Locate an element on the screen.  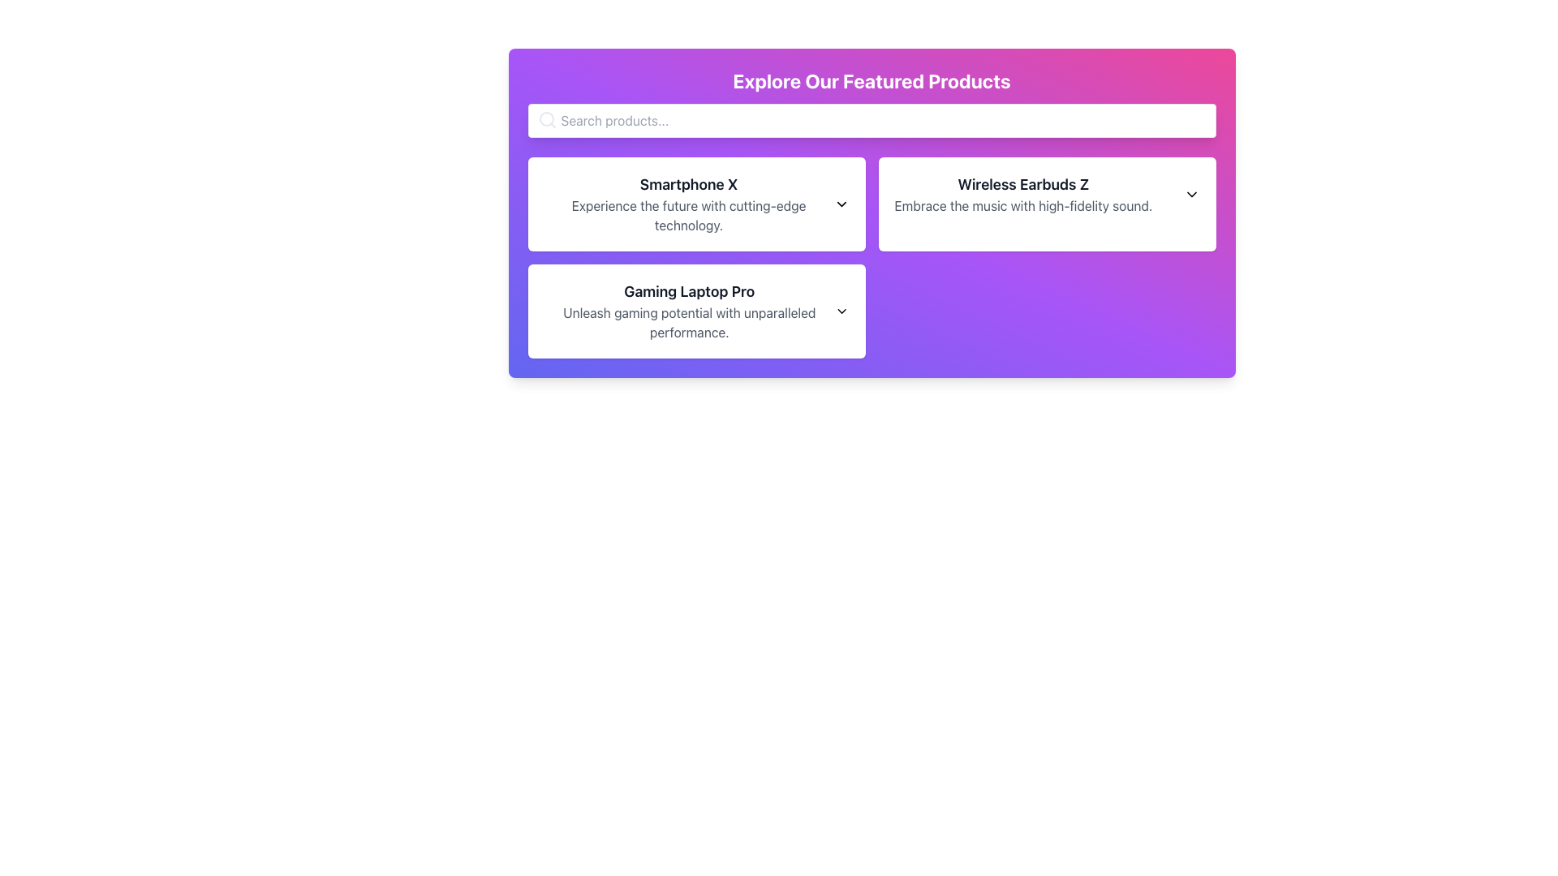
the text block providing descriptive information about 'Smartphone X', located below the title in the upper-left segment of the grid layout is located at coordinates (689, 215).